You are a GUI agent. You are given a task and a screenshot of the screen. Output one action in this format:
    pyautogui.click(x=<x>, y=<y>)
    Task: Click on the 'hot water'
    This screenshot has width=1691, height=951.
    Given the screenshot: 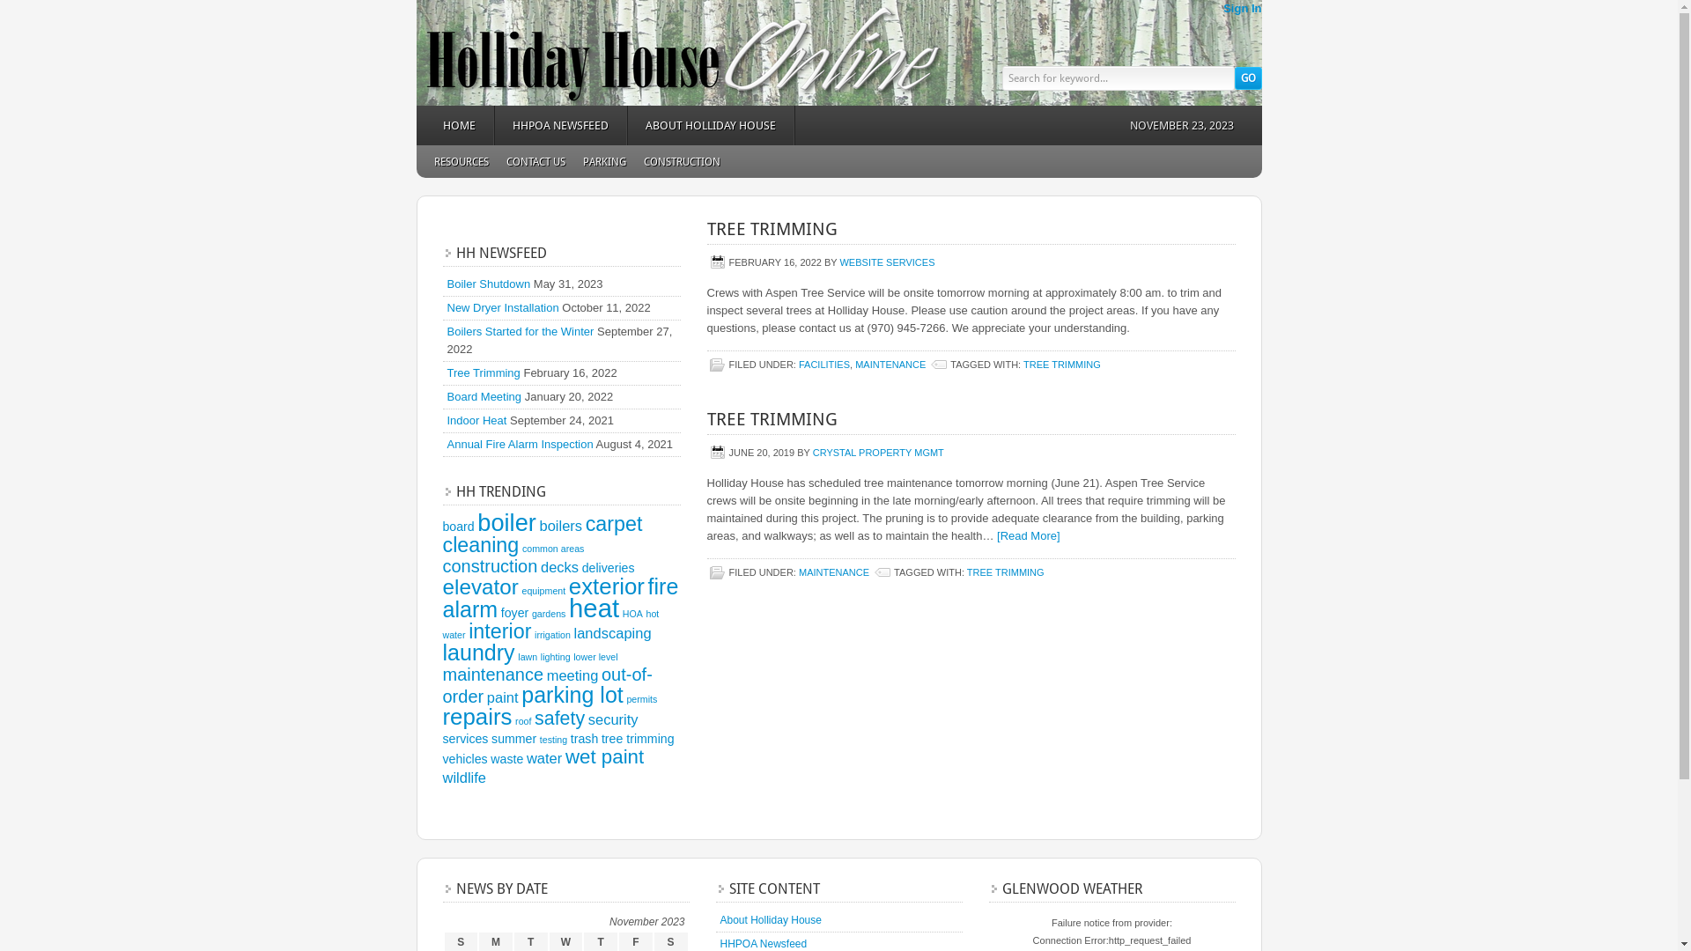 What is the action you would take?
    pyautogui.click(x=442, y=623)
    